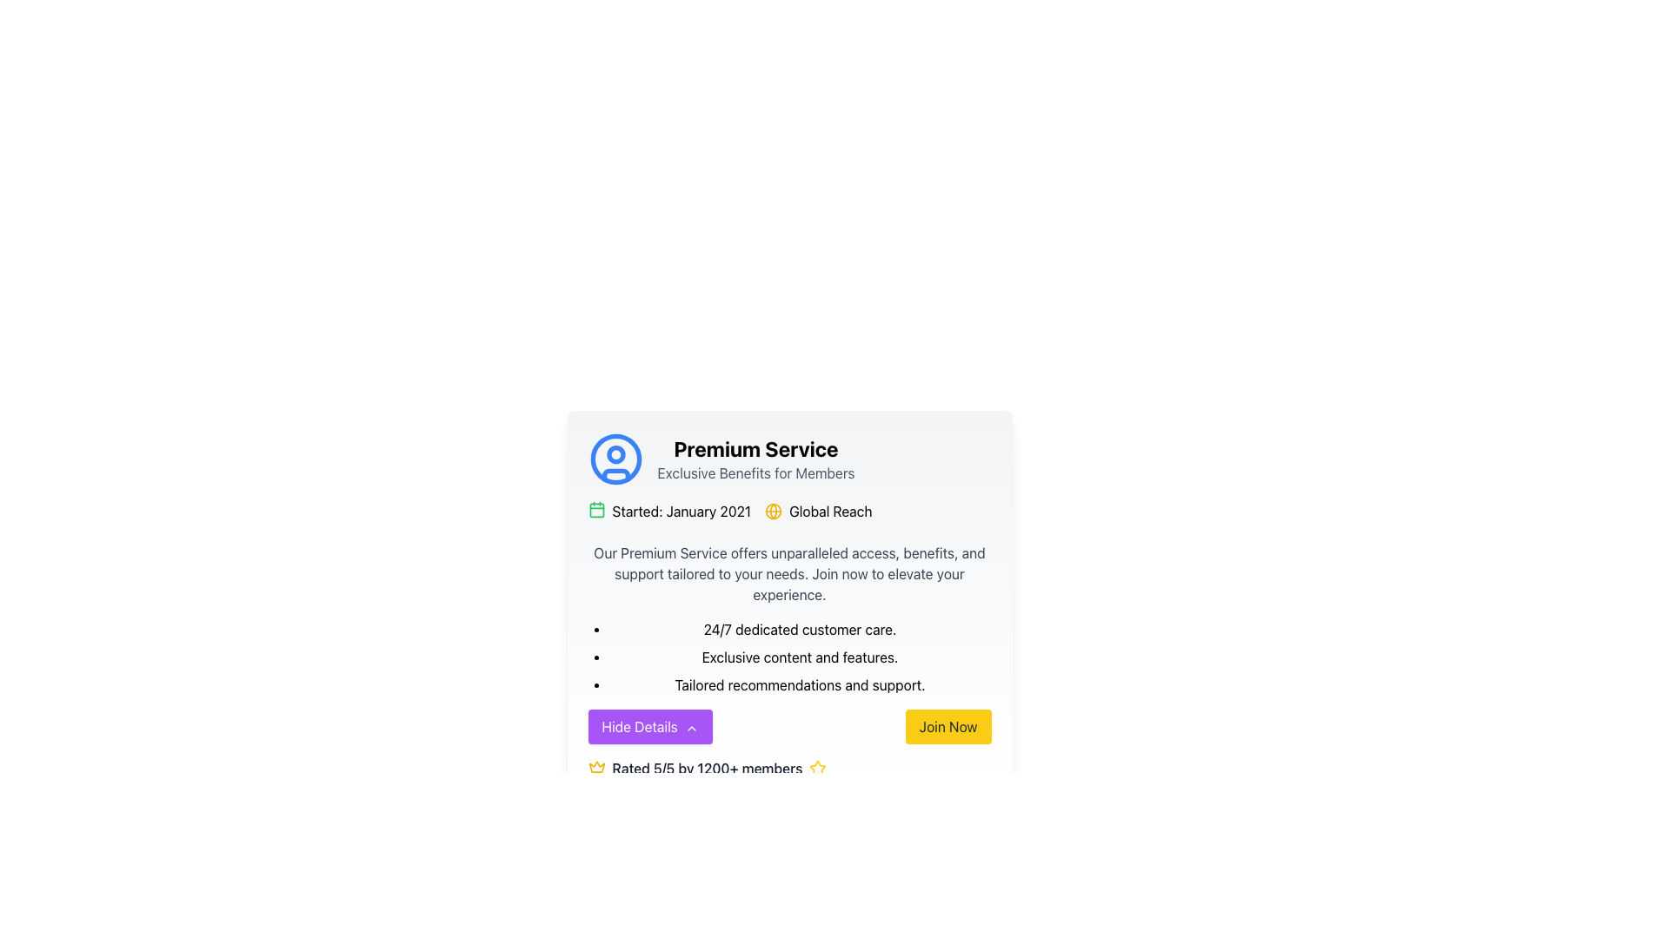 Image resolution: width=1669 pixels, height=938 pixels. I want to click on testimonial/rating text that states 'Rated 5/5 by 1200+ members' located at the bottom of the premium membership details card, beneath the 'Hide Details' and 'Join Now' buttons, so click(788, 767).